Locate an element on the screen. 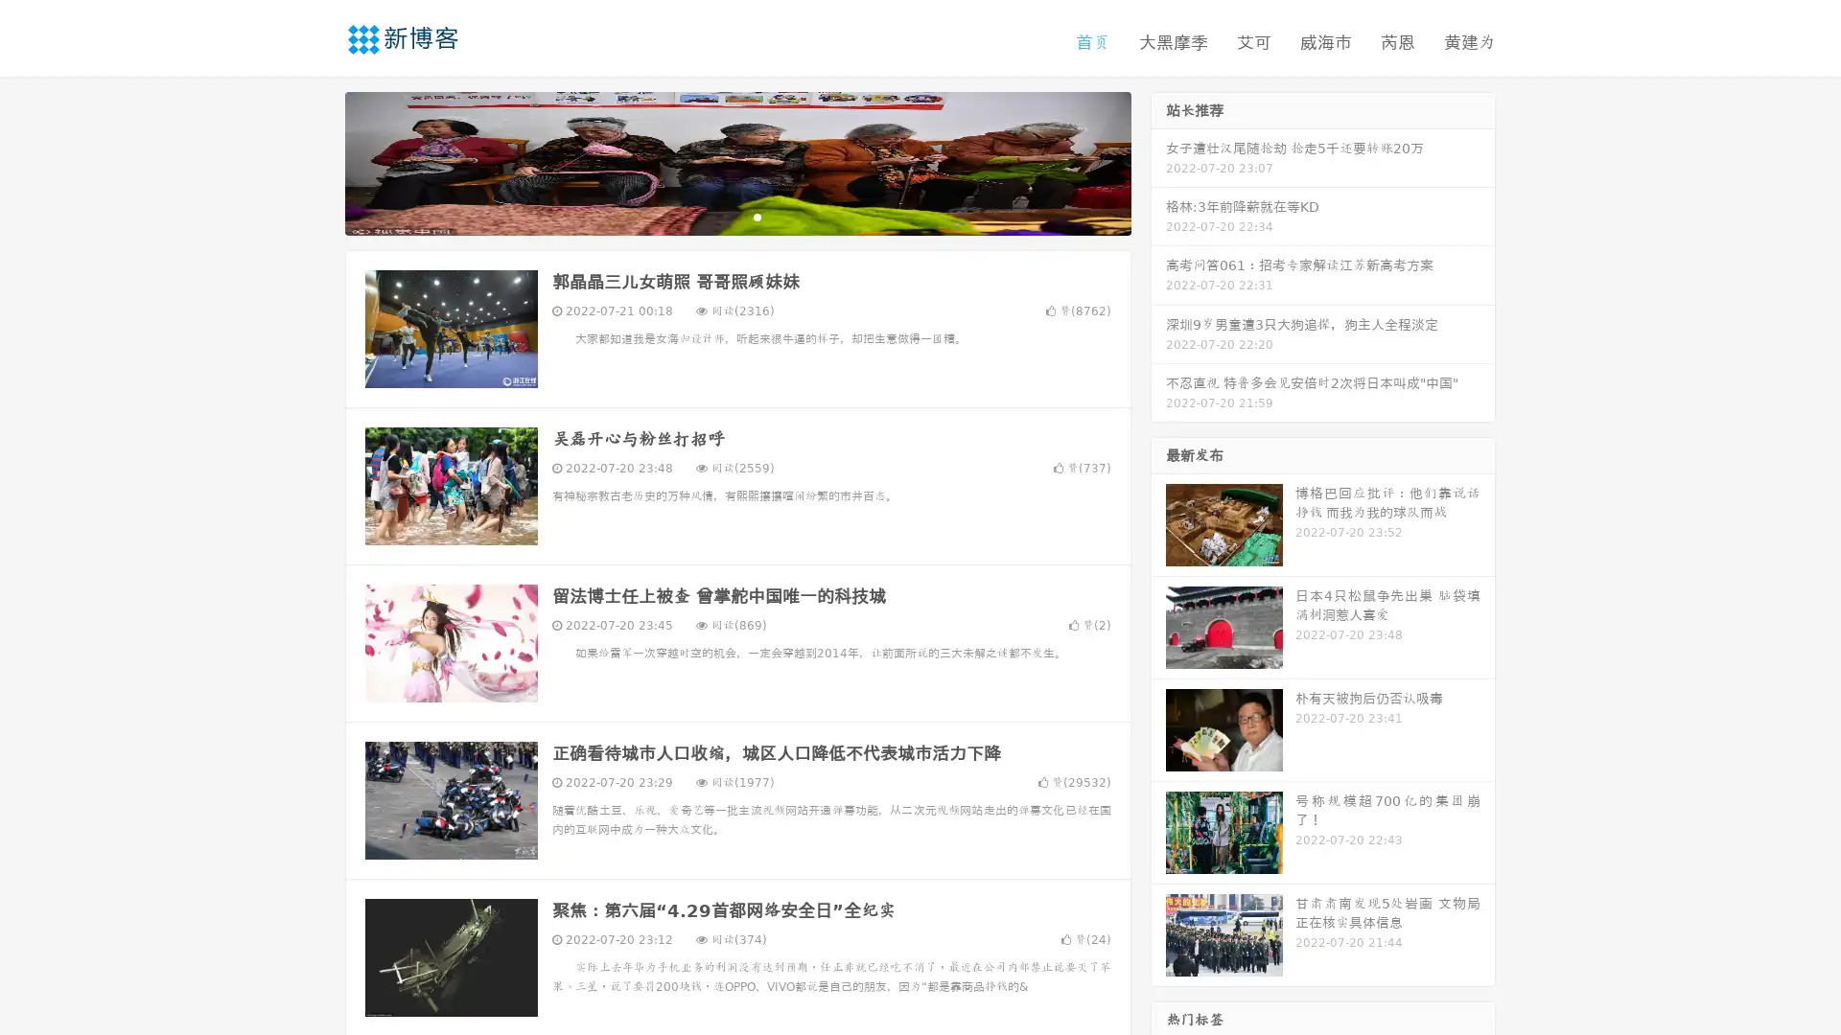 The image size is (1841, 1035). Next slide is located at coordinates (1158, 161).